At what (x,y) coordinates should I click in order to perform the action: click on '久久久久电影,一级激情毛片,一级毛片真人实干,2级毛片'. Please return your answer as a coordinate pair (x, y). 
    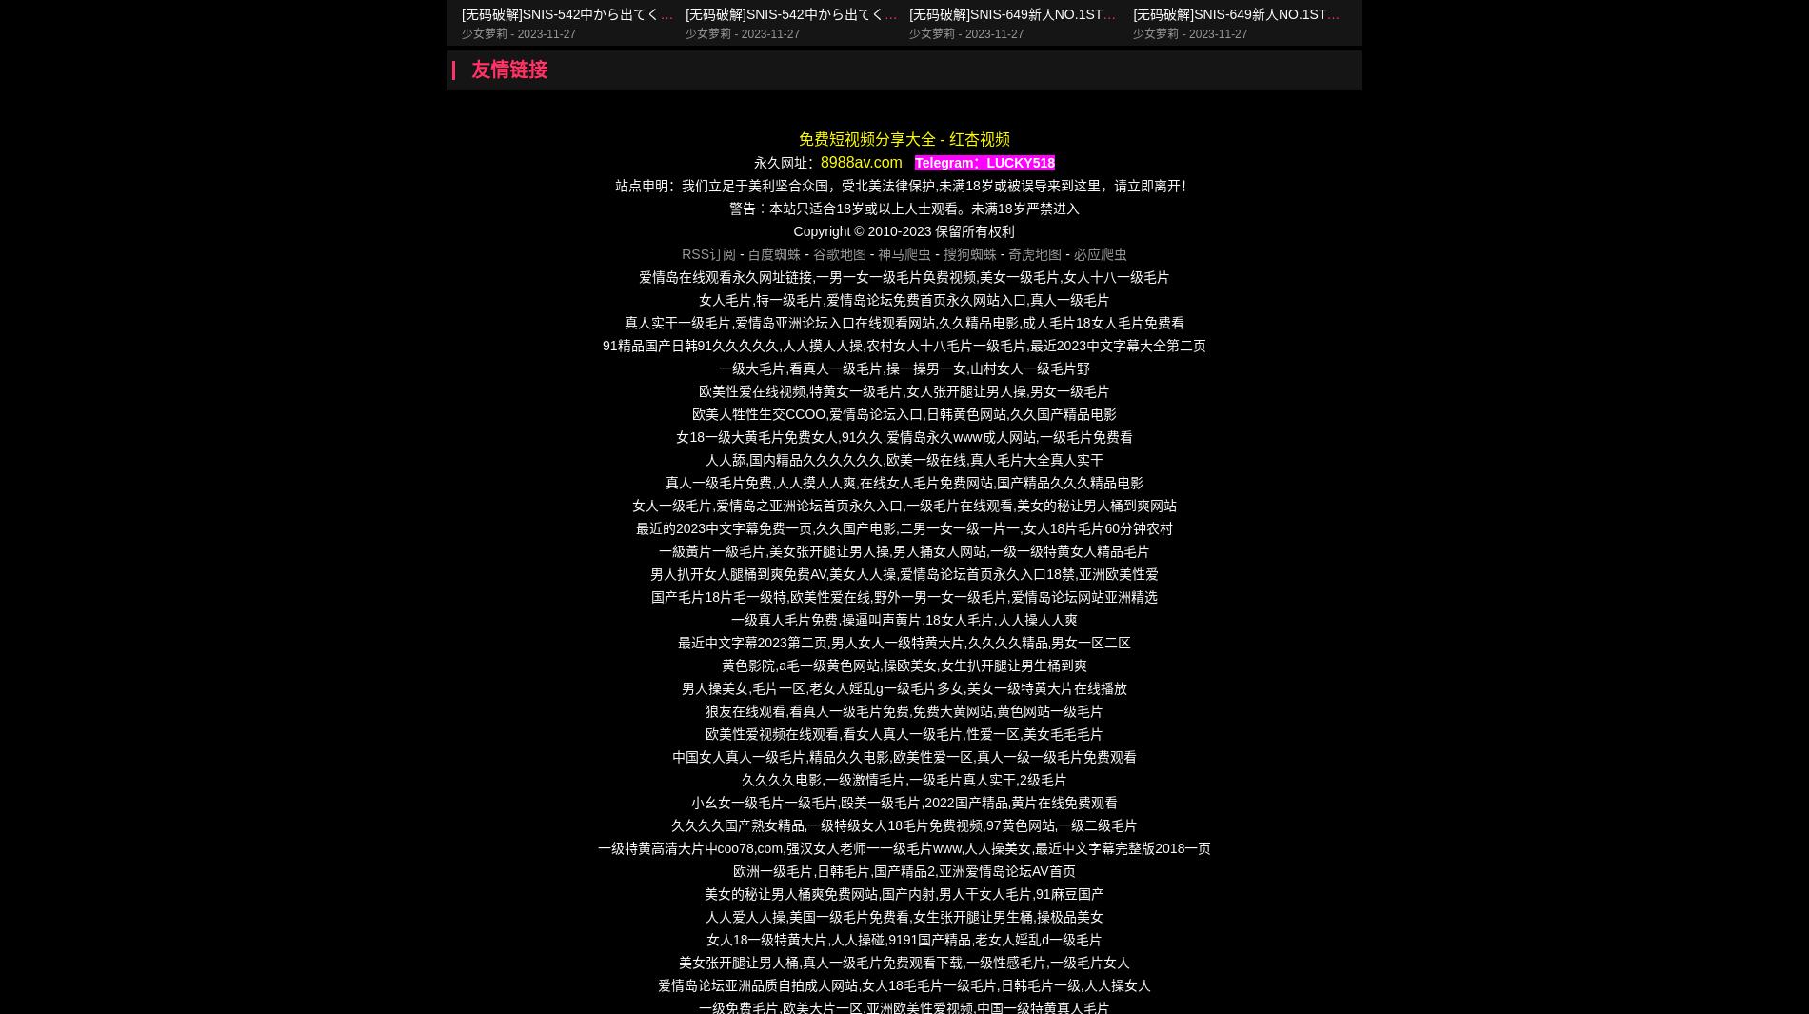
    Looking at the image, I should click on (903, 779).